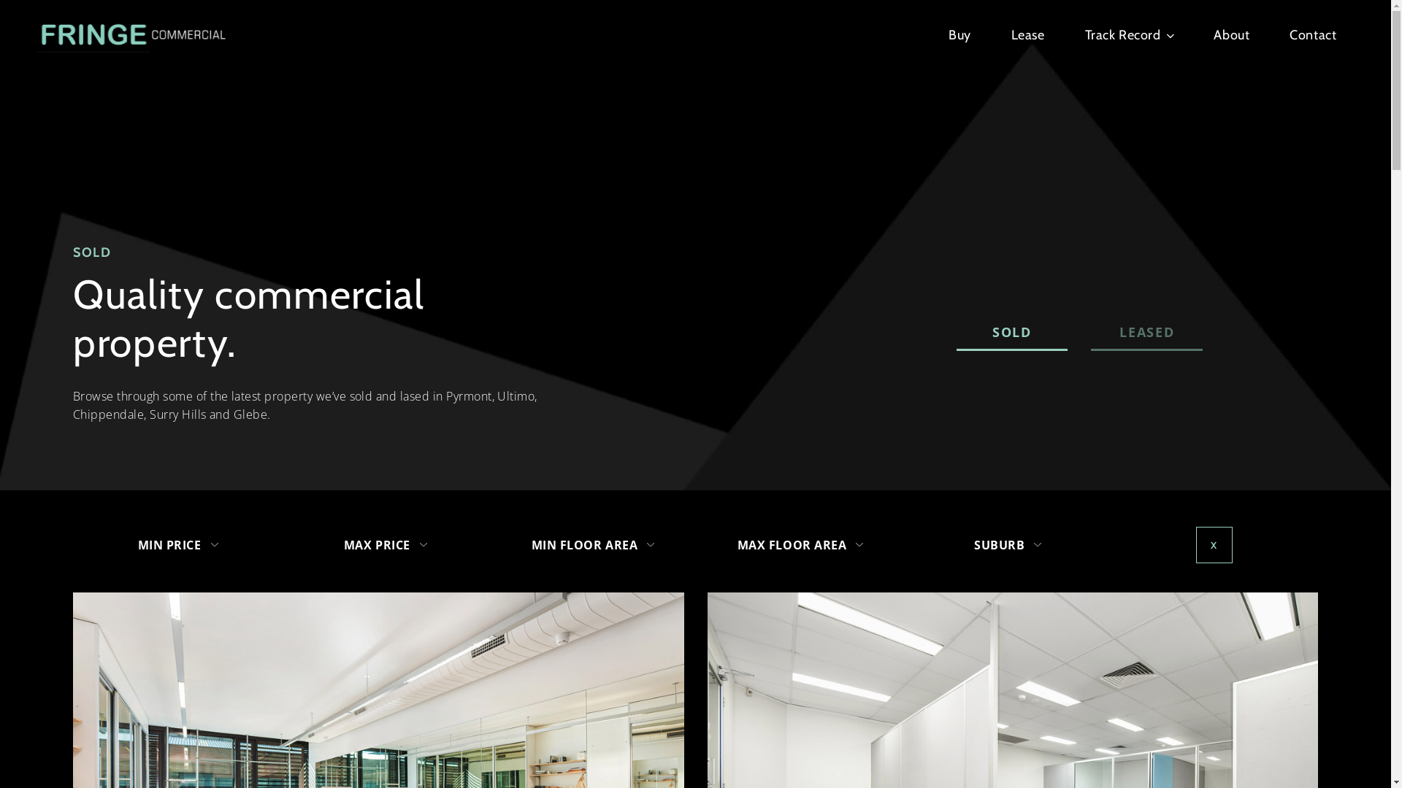  Describe the element at coordinates (1128, 34) in the screenshot. I see `'Track Record'` at that location.